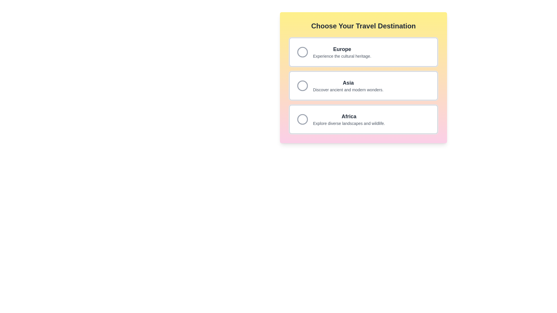 The image size is (557, 313). What do you see at coordinates (363, 119) in the screenshot?
I see `the radio selection card for 'Africa'` at bounding box center [363, 119].